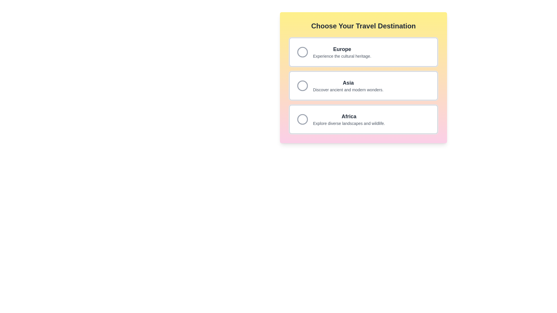 The image size is (557, 313). What do you see at coordinates (363, 119) in the screenshot?
I see `the radio selection card for 'Africa'` at bounding box center [363, 119].